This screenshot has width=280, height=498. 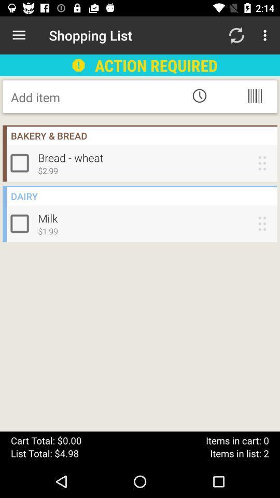 What do you see at coordinates (199, 95) in the screenshot?
I see `reminder` at bounding box center [199, 95].